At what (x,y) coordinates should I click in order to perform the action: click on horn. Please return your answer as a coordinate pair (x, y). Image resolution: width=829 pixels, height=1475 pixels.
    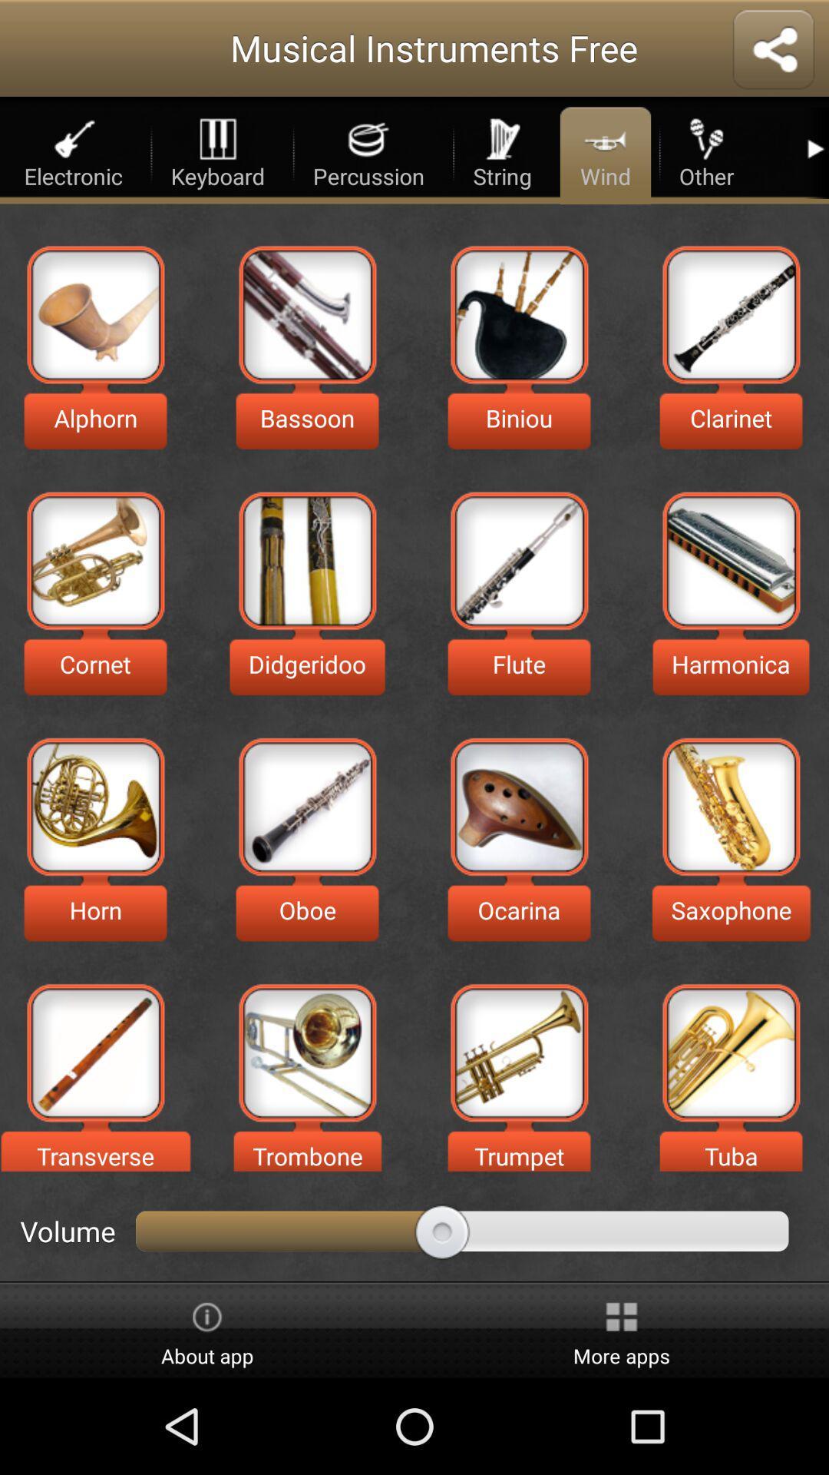
    Looking at the image, I should click on (95, 806).